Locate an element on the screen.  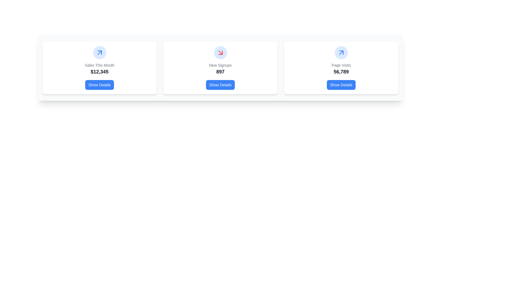
the display-only text showing the numerical metric for the 'Page Visits' section, which is located within the 'Page Visits' card, centered under the 'Page Visits' label and above the 'Show Details' button is located at coordinates (341, 71).